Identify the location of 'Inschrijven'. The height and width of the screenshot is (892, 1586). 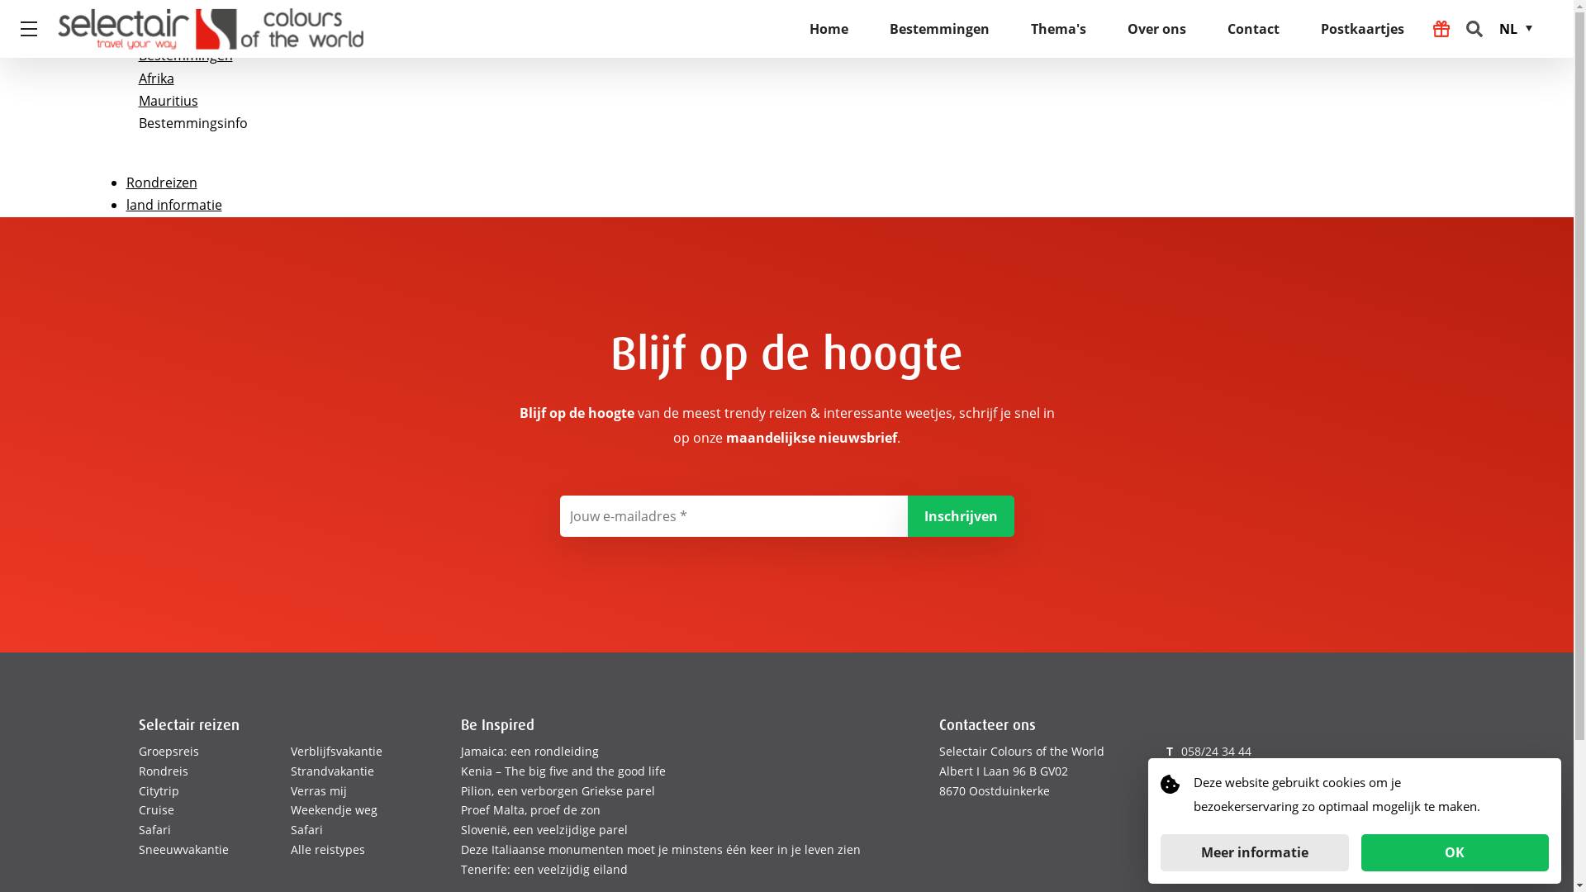
(960, 515).